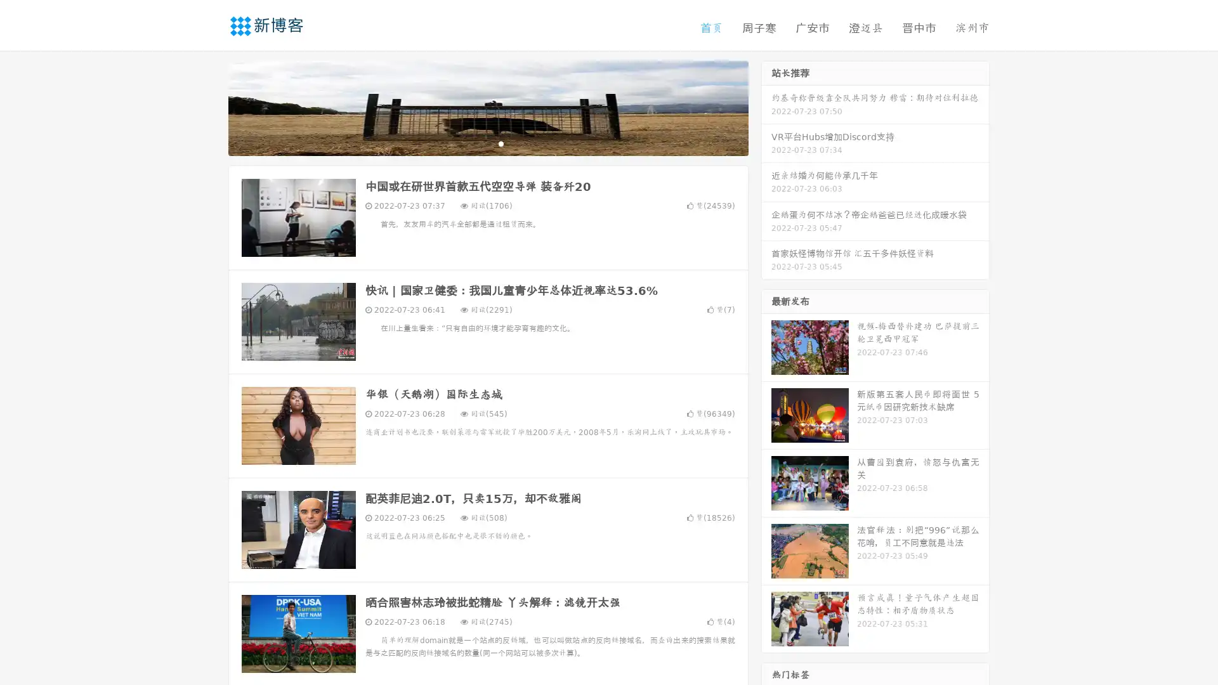  Describe the element at coordinates (487, 143) in the screenshot. I see `Go to slide 2` at that location.